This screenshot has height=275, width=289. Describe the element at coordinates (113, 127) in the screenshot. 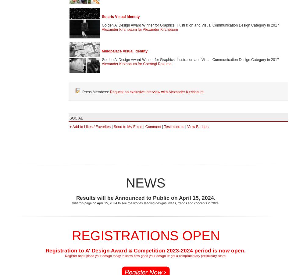

I see `'Send to My Email'` at that location.